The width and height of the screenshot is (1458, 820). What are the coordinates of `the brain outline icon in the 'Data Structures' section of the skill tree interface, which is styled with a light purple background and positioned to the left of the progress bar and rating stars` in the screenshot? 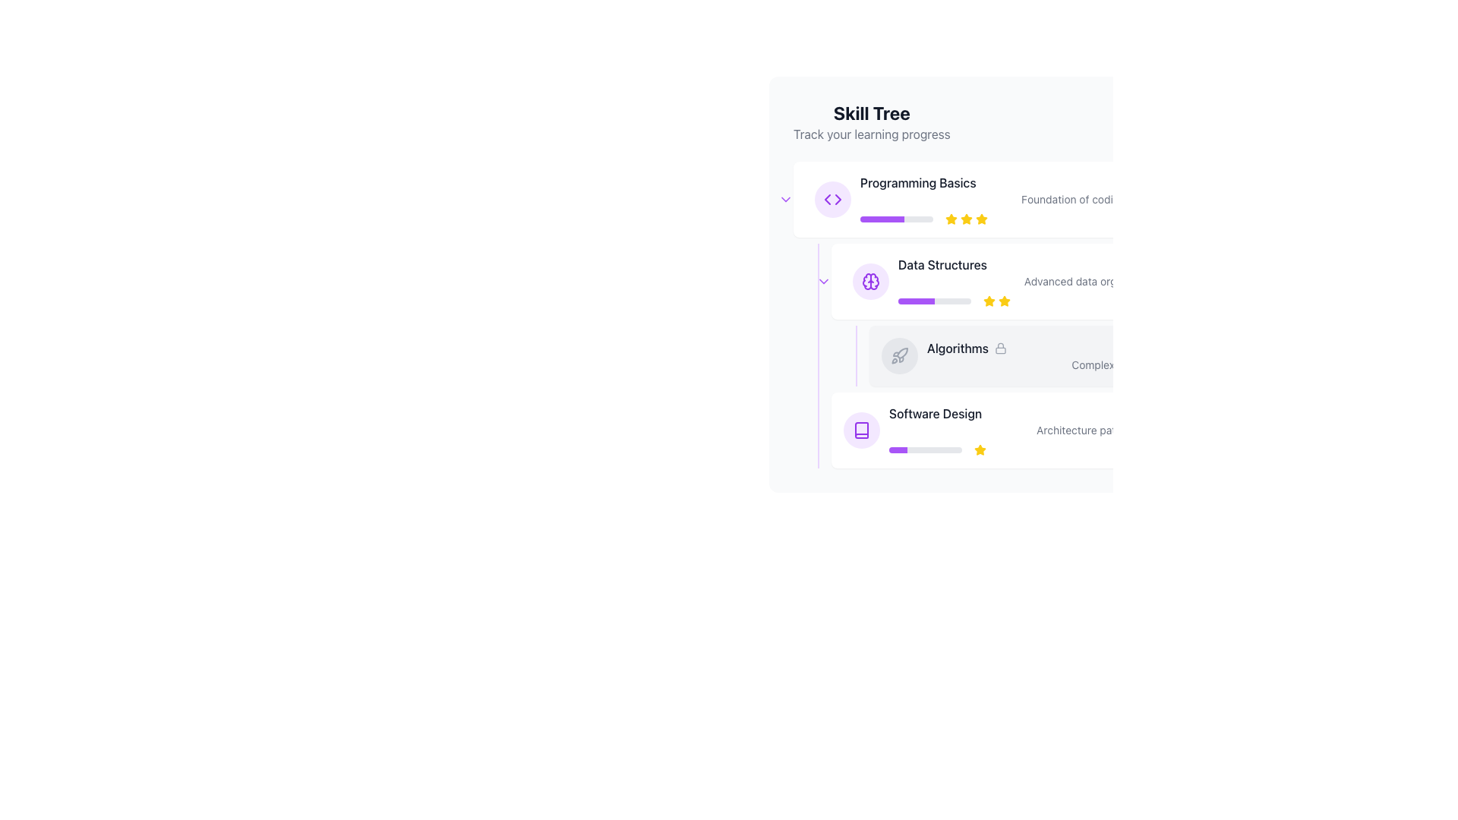 It's located at (871, 281).